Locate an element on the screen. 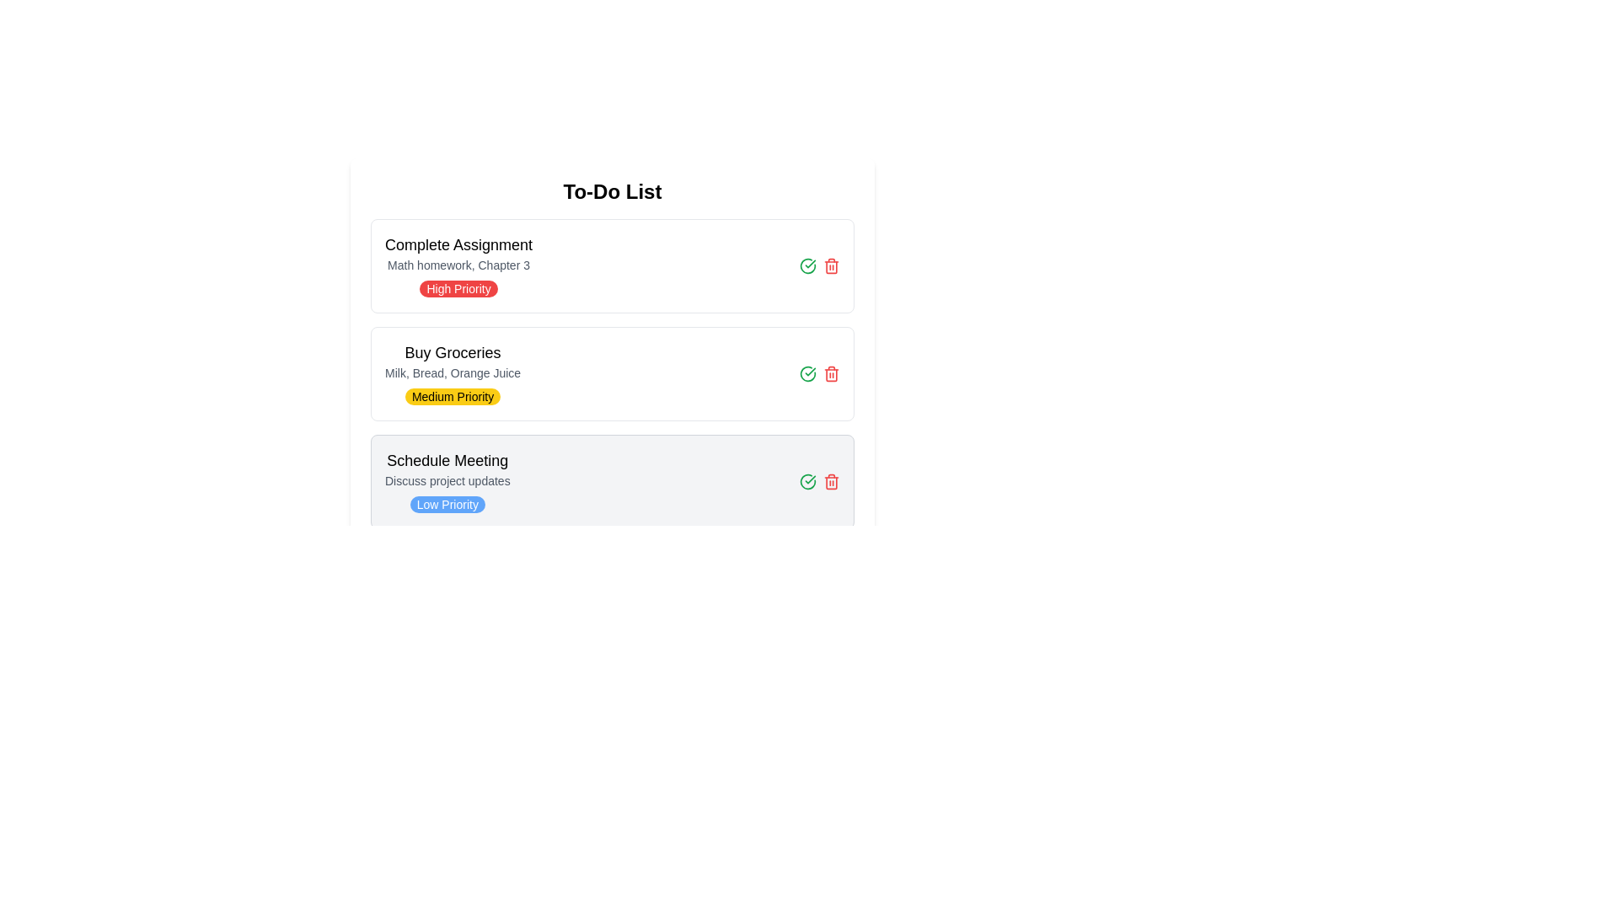  the text element displaying 'Discuss project updates', which is styled in gray and positioned below 'Schedule Meeting' and above 'Low Priority' is located at coordinates (447, 480).